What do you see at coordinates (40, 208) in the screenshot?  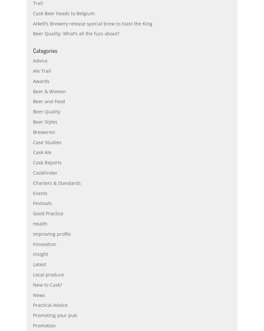 I see `'Events'` at bounding box center [40, 208].